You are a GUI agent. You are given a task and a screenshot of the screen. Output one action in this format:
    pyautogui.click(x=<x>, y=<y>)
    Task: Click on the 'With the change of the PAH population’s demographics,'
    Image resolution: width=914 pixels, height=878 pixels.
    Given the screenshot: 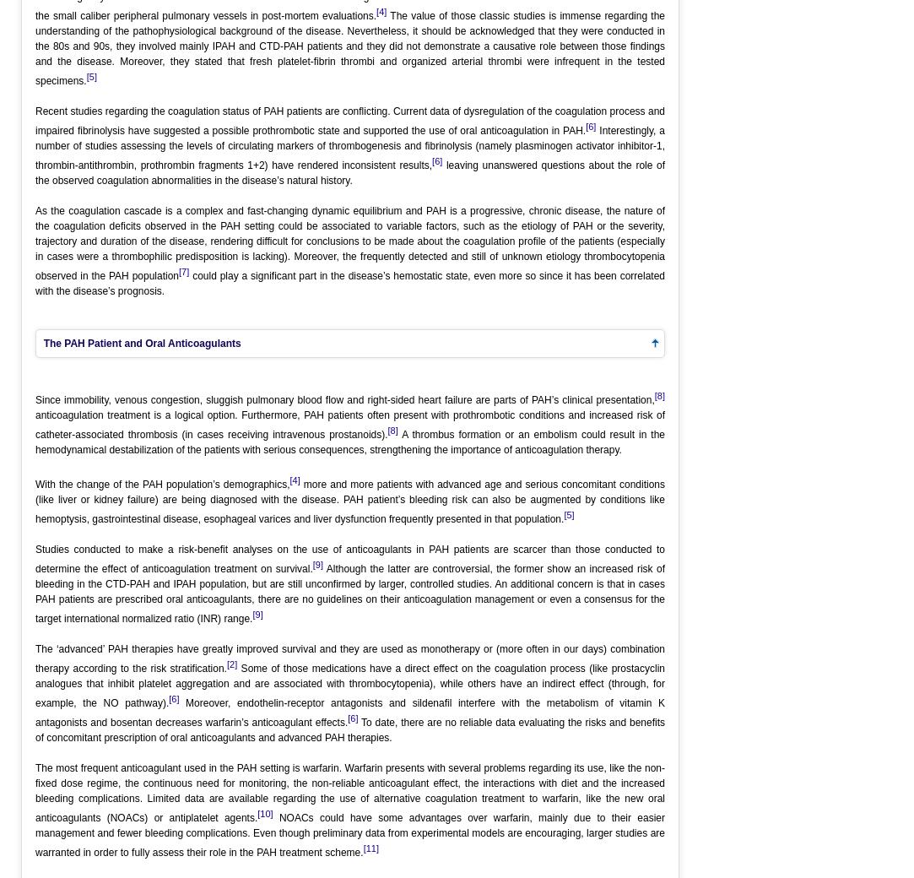 What is the action you would take?
    pyautogui.click(x=161, y=483)
    